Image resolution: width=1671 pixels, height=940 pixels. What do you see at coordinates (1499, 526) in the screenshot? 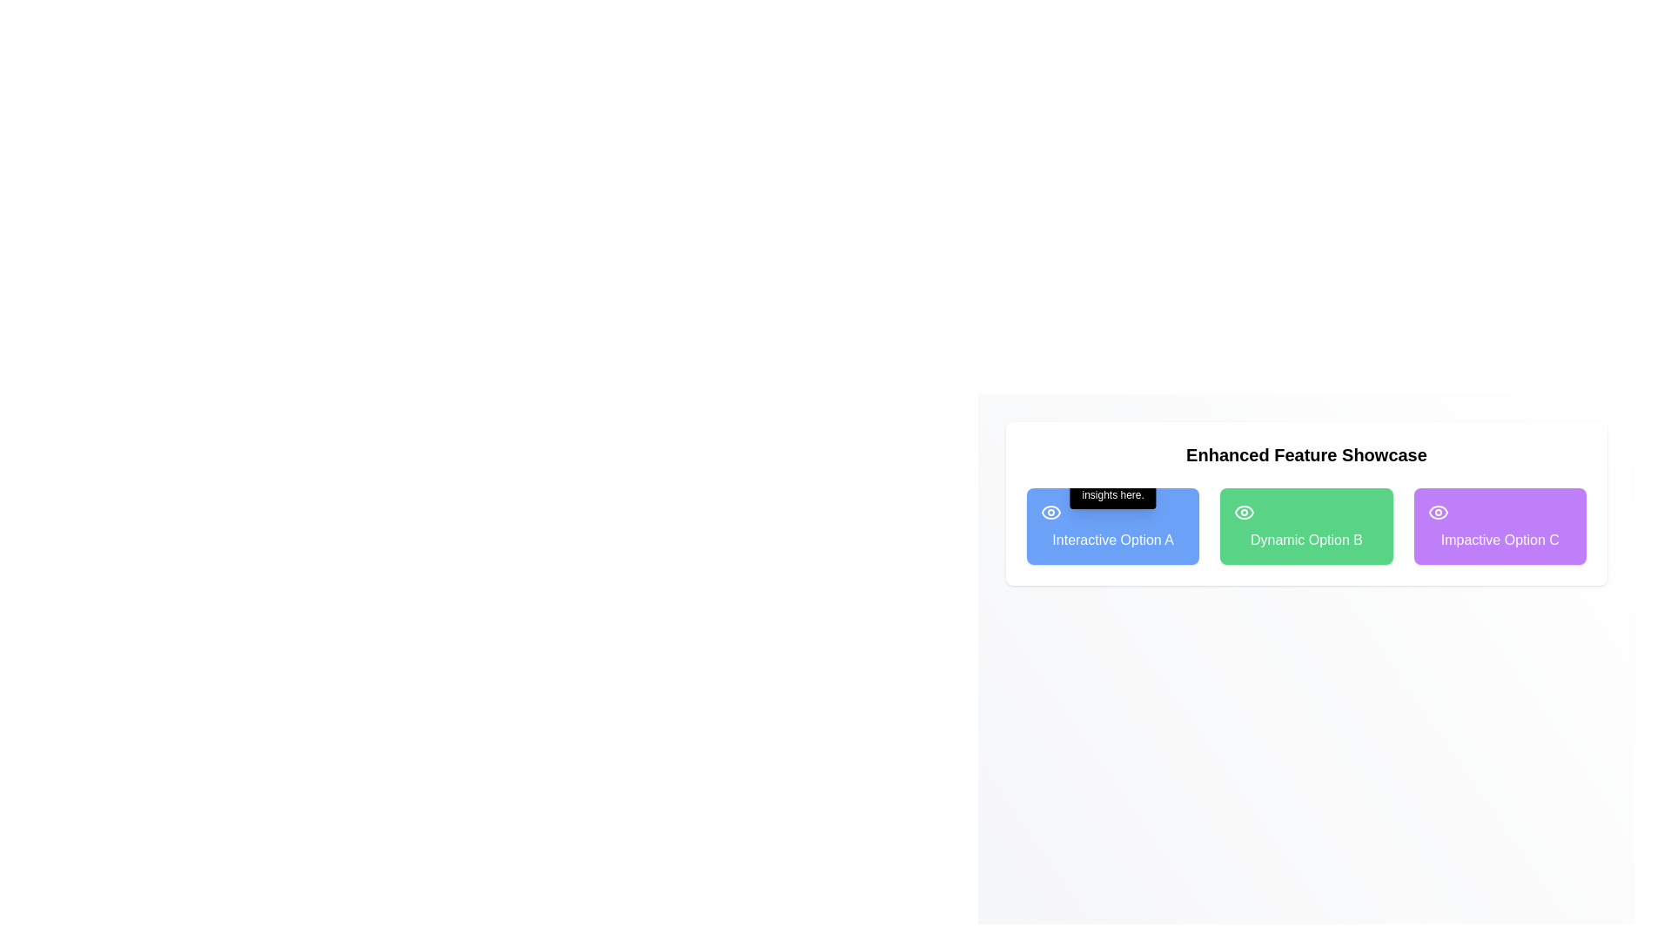
I see `the 'Impactive Option C' card, which is the third card in a horizontal arrangement under the title 'Enhanced Feature Showcase'` at bounding box center [1499, 526].